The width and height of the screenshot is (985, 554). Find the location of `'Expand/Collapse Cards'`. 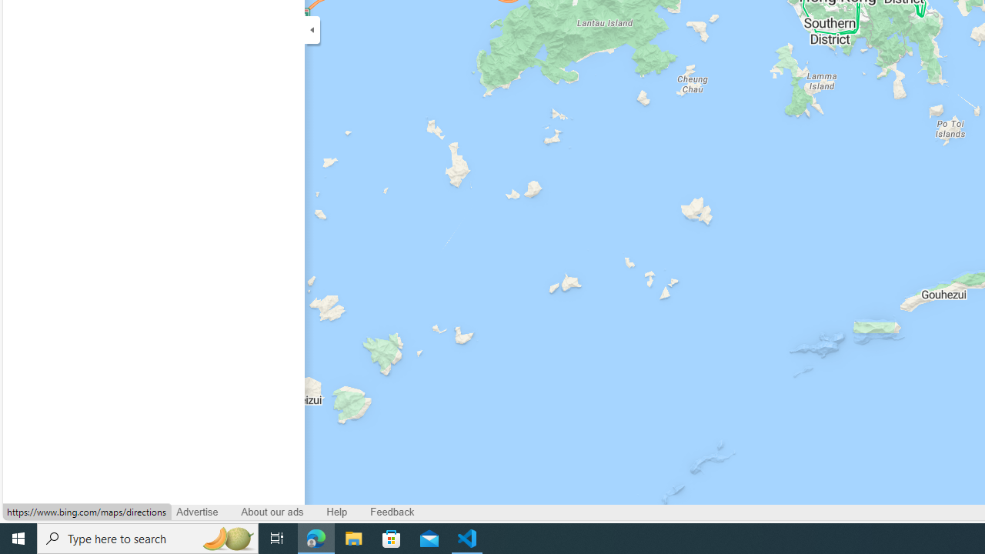

'Expand/Collapse Cards' is located at coordinates (311, 29).